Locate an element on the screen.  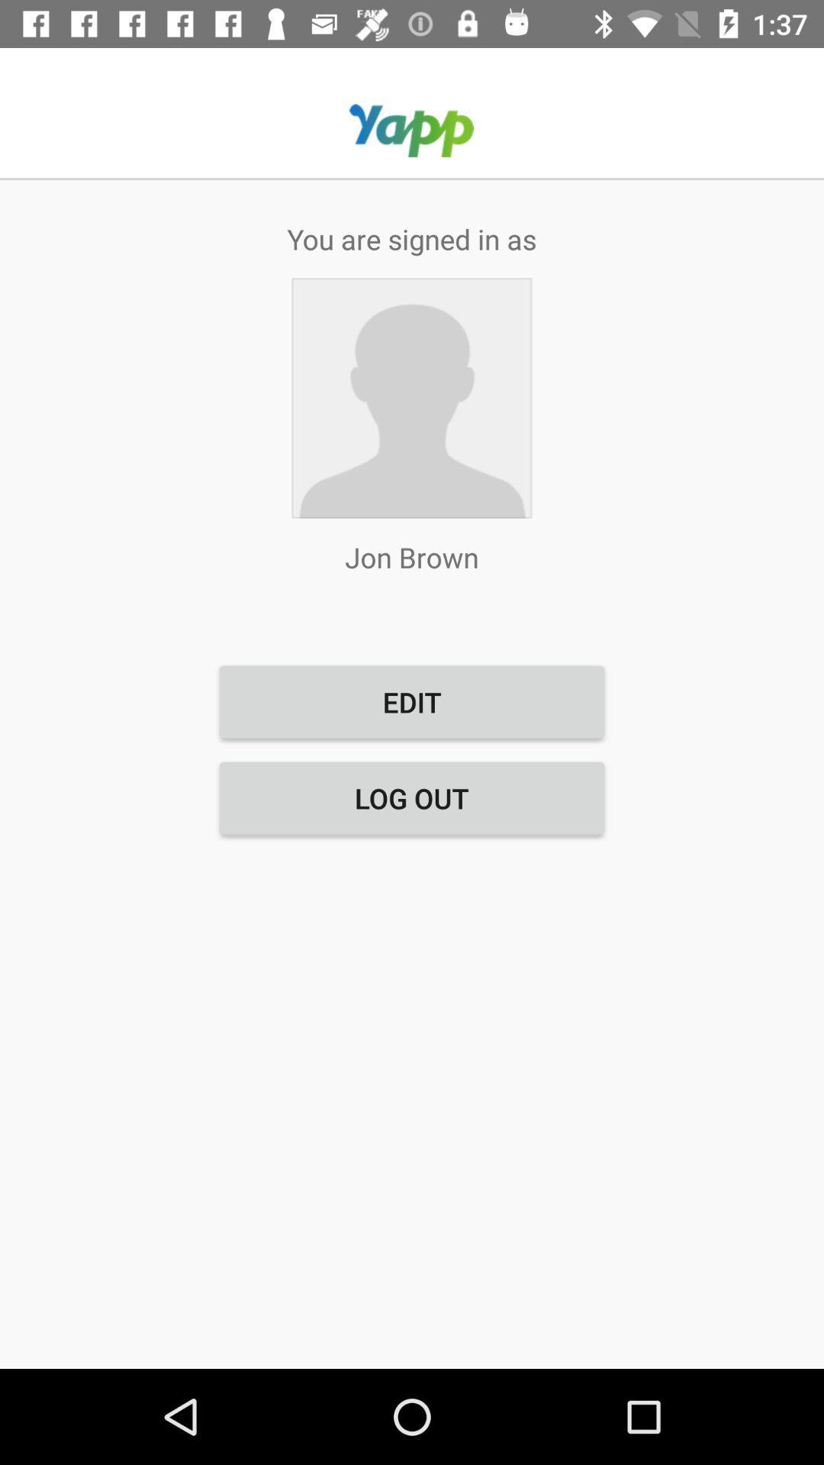
log out is located at coordinates (412, 797).